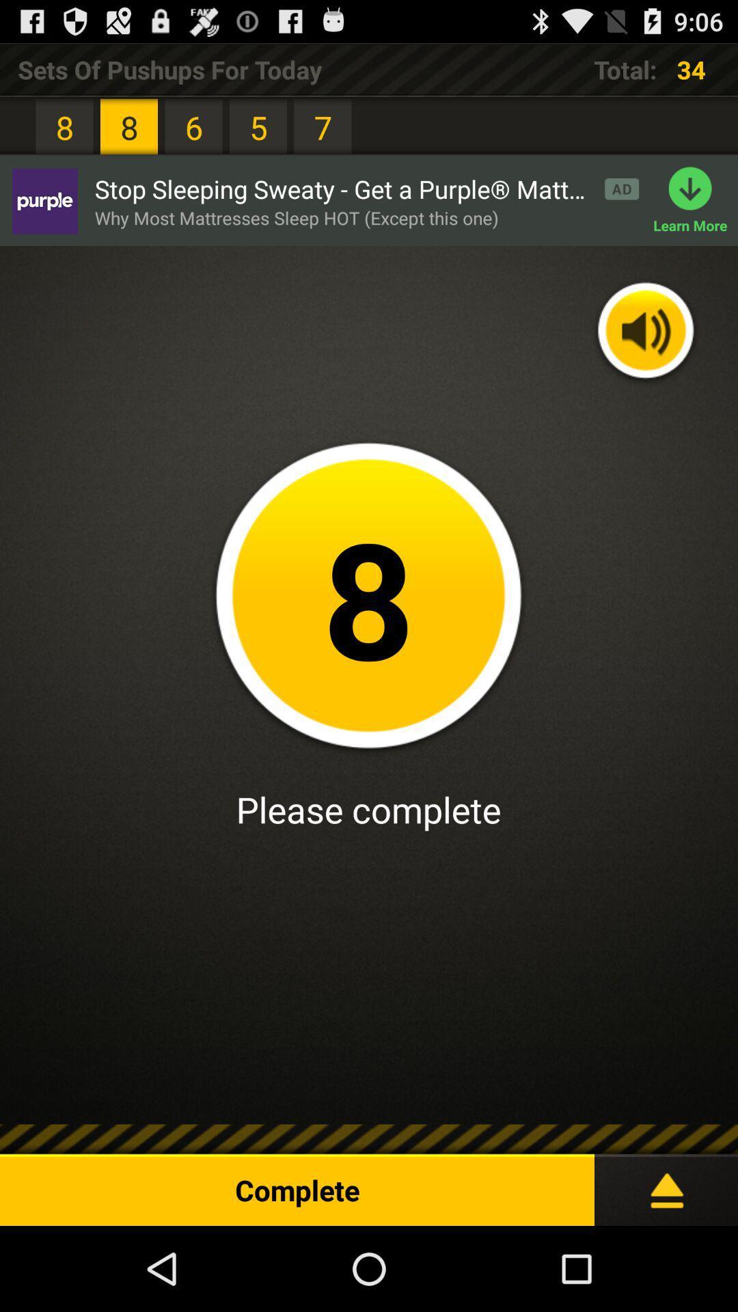  Describe the element at coordinates (666, 1184) in the screenshot. I see `complete settings` at that location.